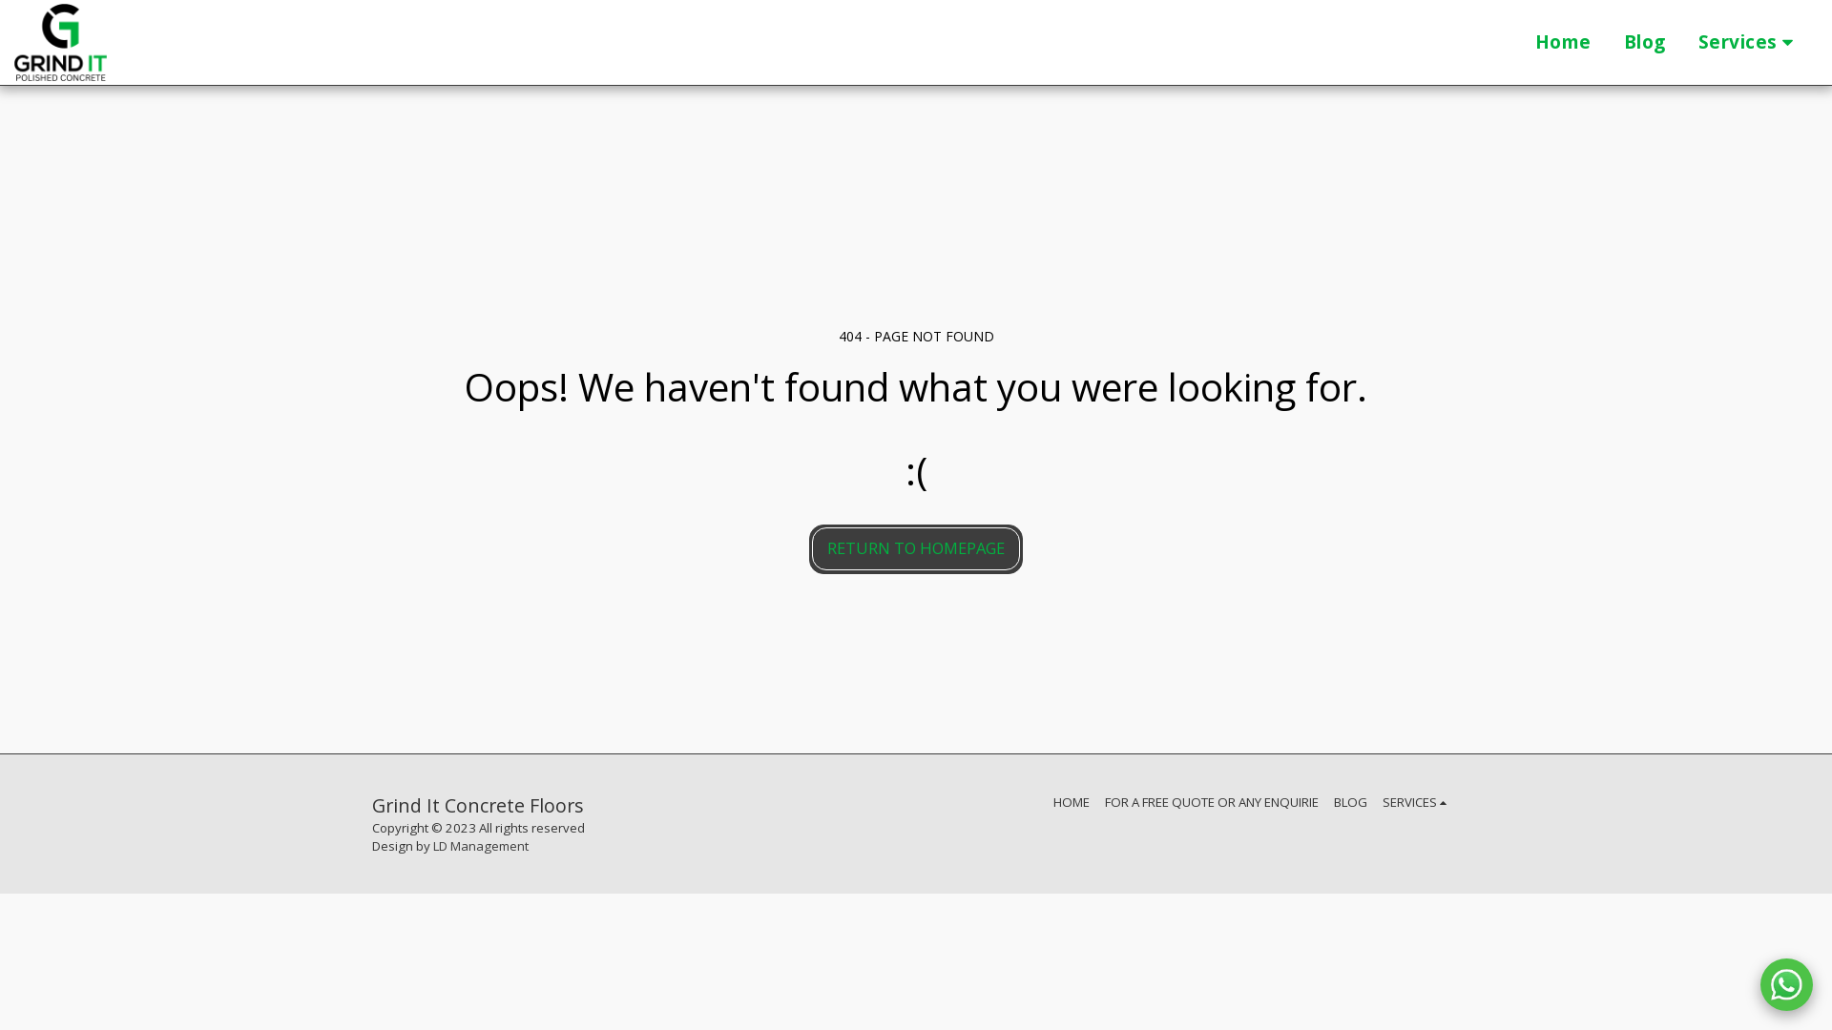  What do you see at coordinates (1607, 43) in the screenshot?
I see `'Blog'` at bounding box center [1607, 43].